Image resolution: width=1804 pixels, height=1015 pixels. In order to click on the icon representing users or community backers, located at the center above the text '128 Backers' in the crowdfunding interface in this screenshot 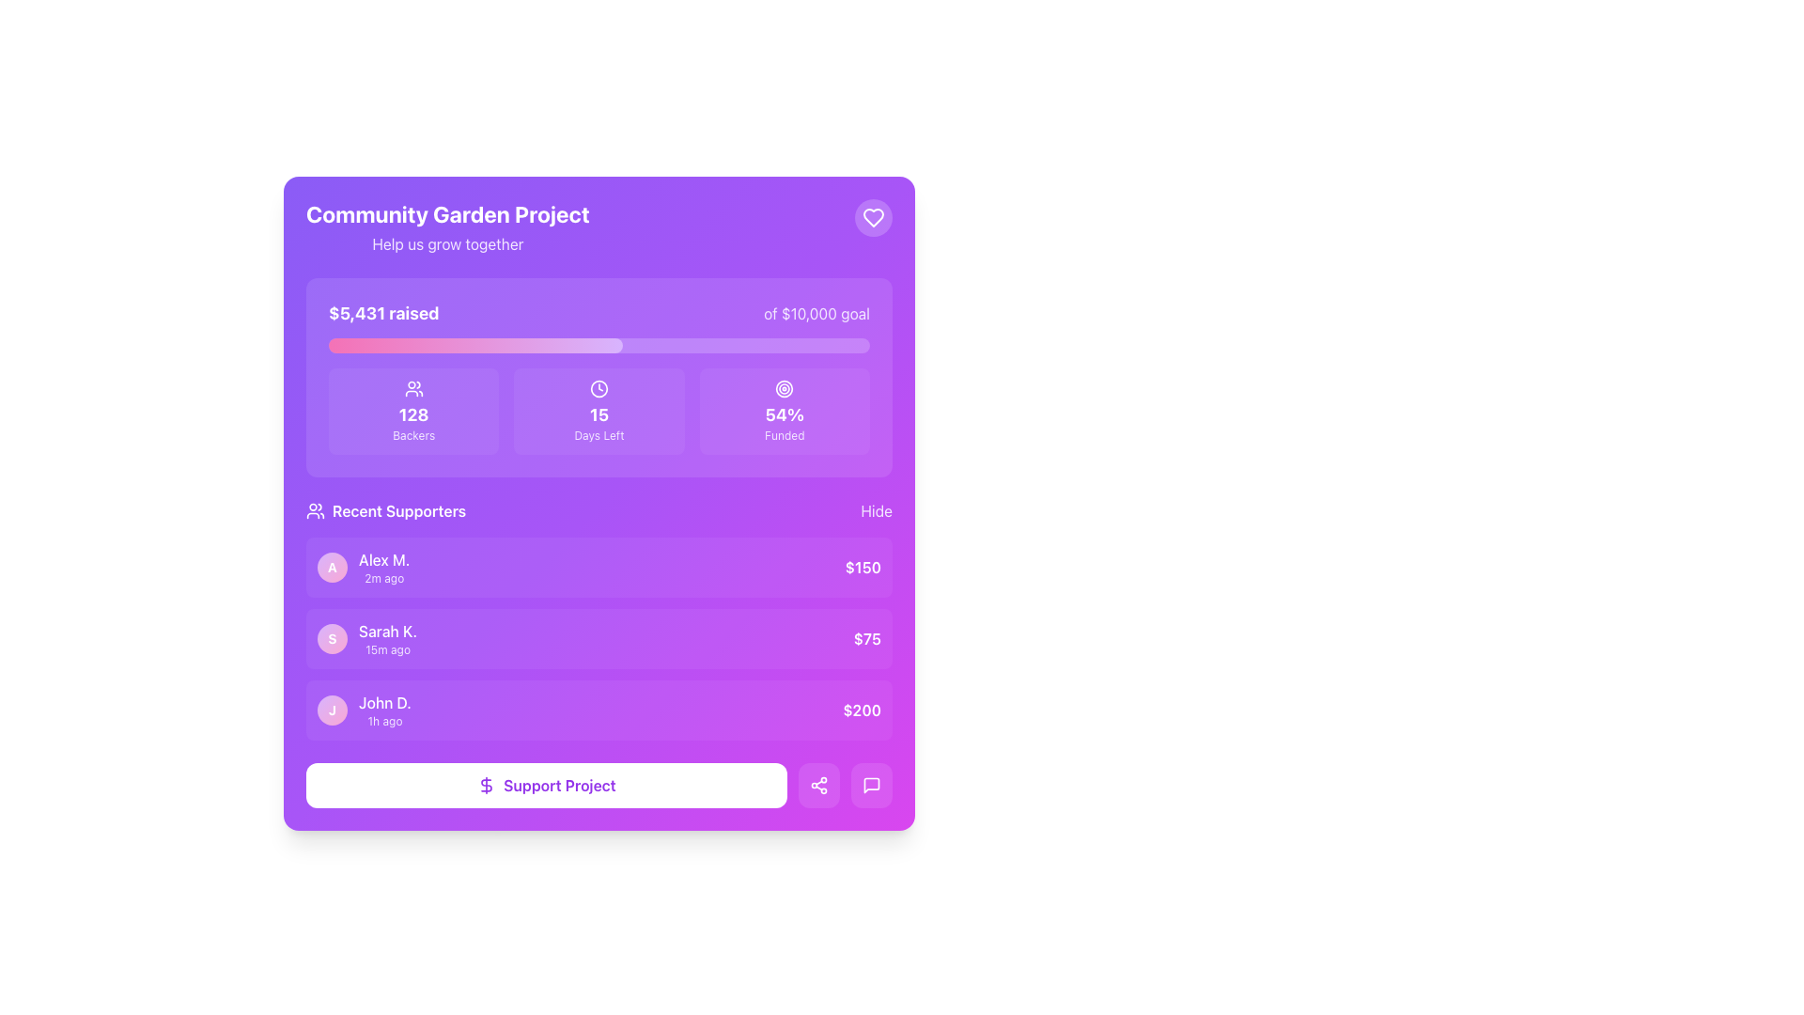, I will do `click(412, 387)`.